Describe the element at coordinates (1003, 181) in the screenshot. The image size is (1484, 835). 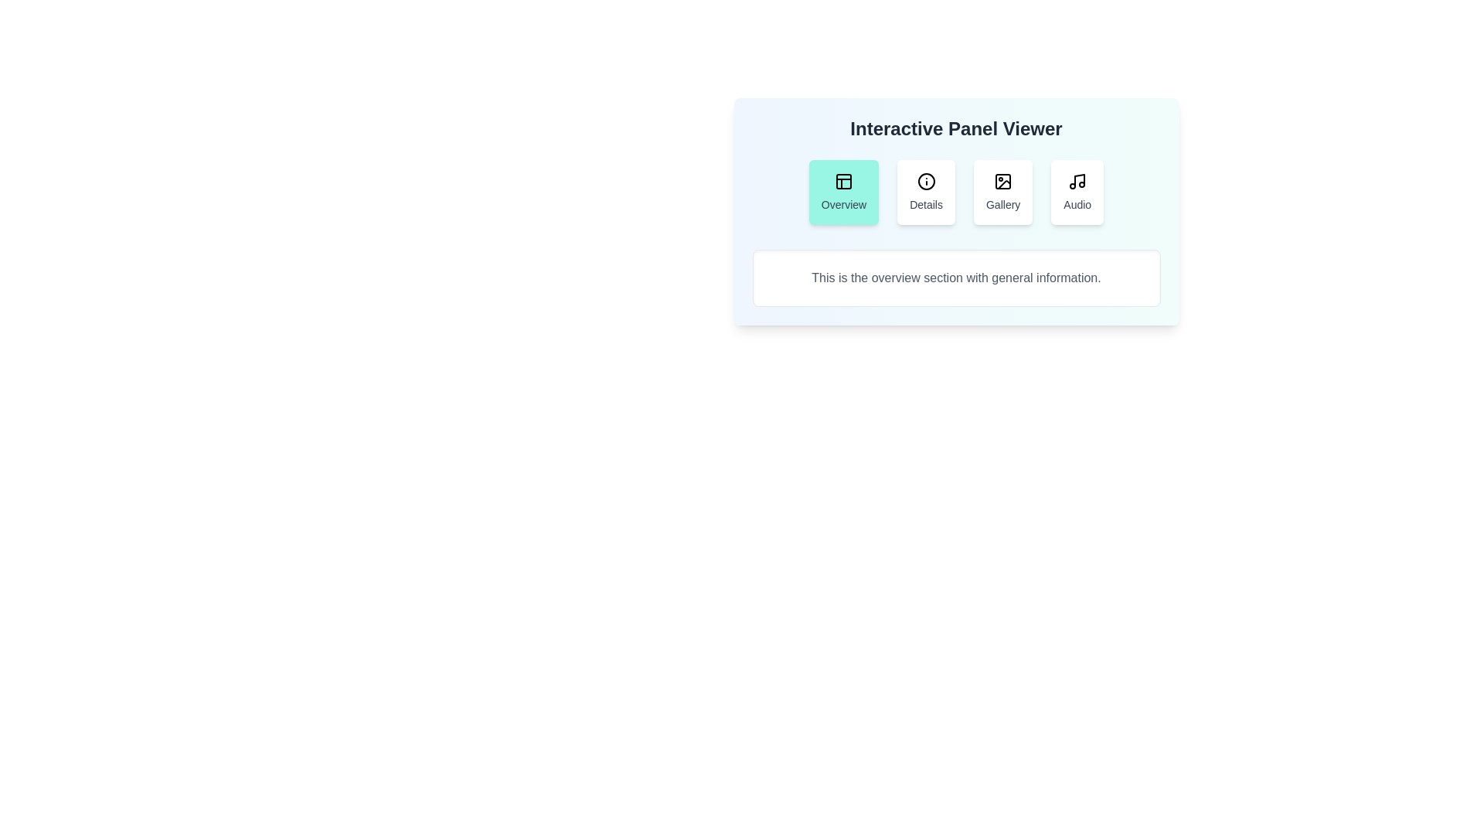
I see `the SVG icon resembling an image placeholder, which is centrally positioned within the 'Gallery' button, located between the 'Details' and 'Audio' buttons` at that location.